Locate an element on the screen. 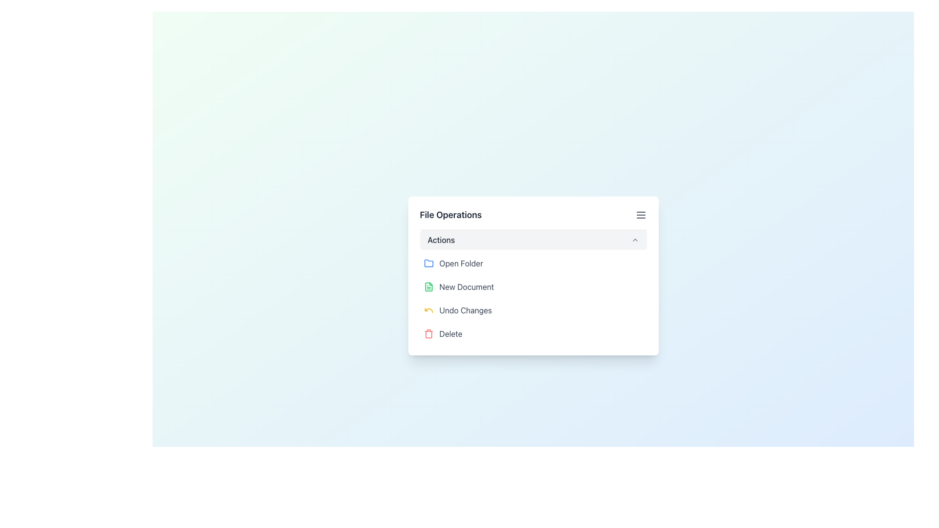  the central part of the red trash bin icon, which represents a delete action, located at the bottom of the file operations options menu is located at coordinates (428, 334).